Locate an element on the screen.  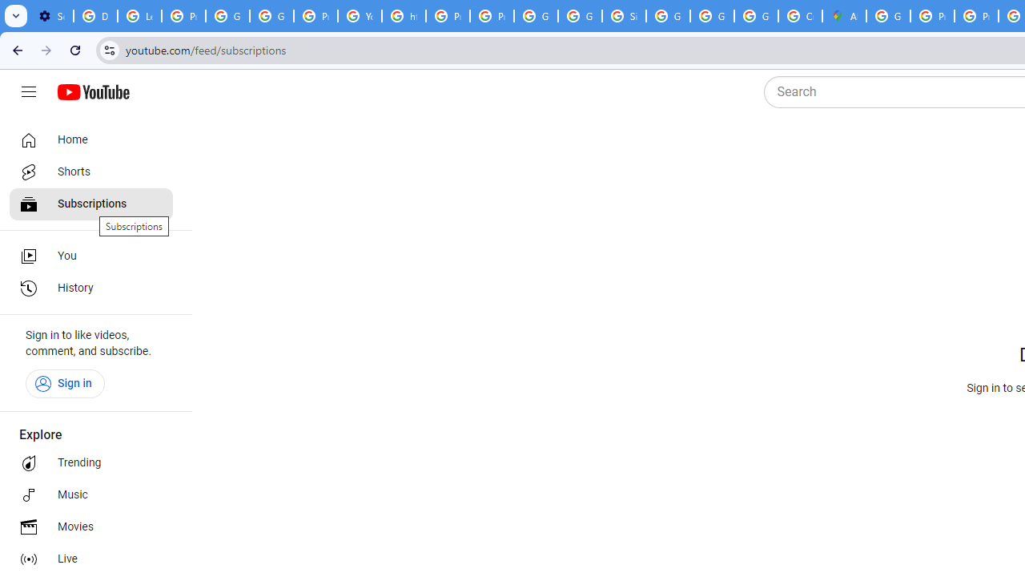
'Guide' is located at coordinates (28, 92).